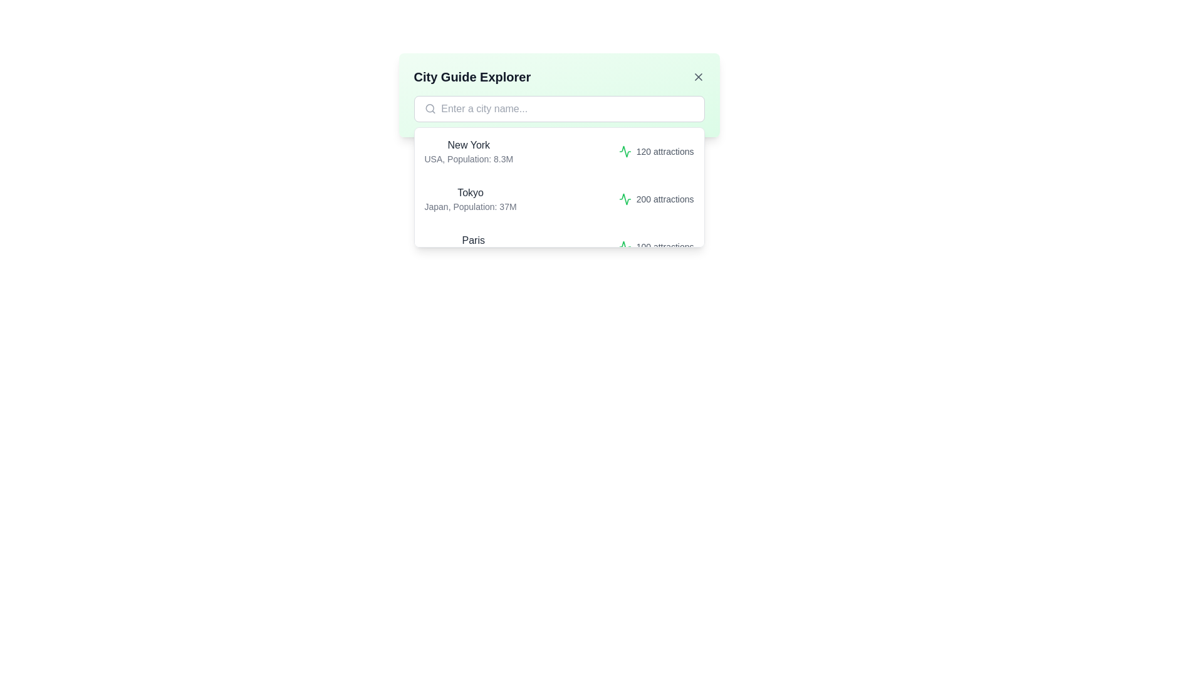 This screenshot has height=677, width=1203. I want to click on the Text label displaying '100 attractions' located at the bottom of the Paris city details panel, which includes a green activity graph icon to its left, so click(655, 246).